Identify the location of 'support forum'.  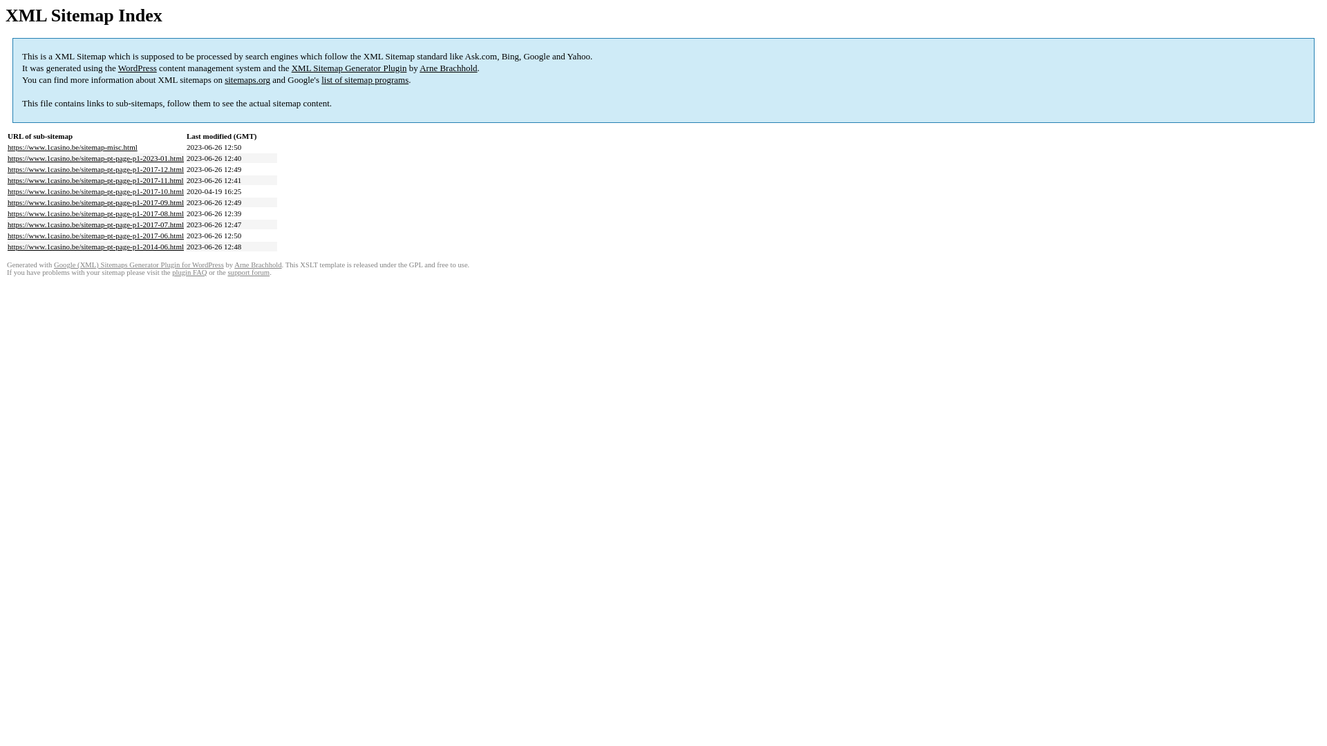
(248, 272).